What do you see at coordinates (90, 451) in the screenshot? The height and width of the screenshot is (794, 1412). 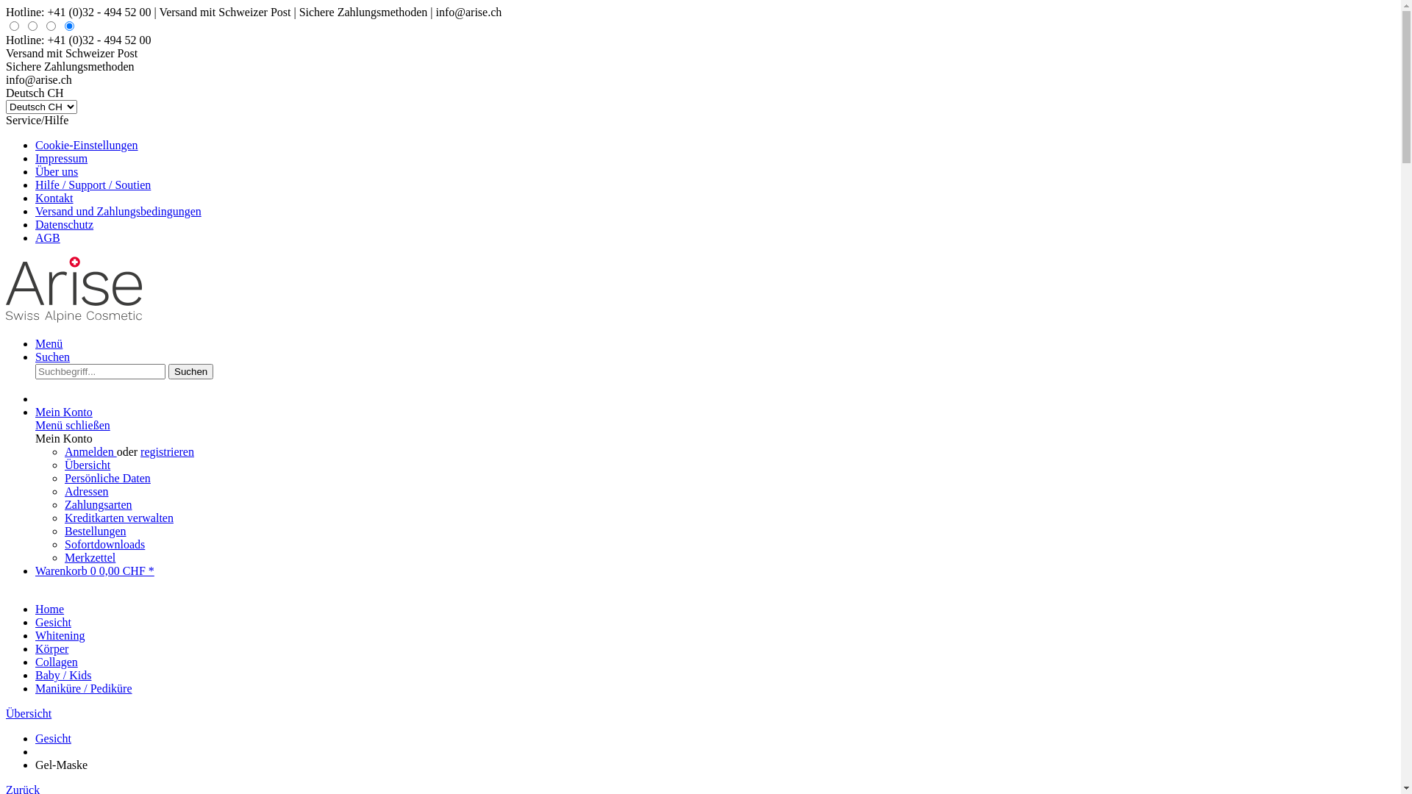 I see `'Anmelden'` at bounding box center [90, 451].